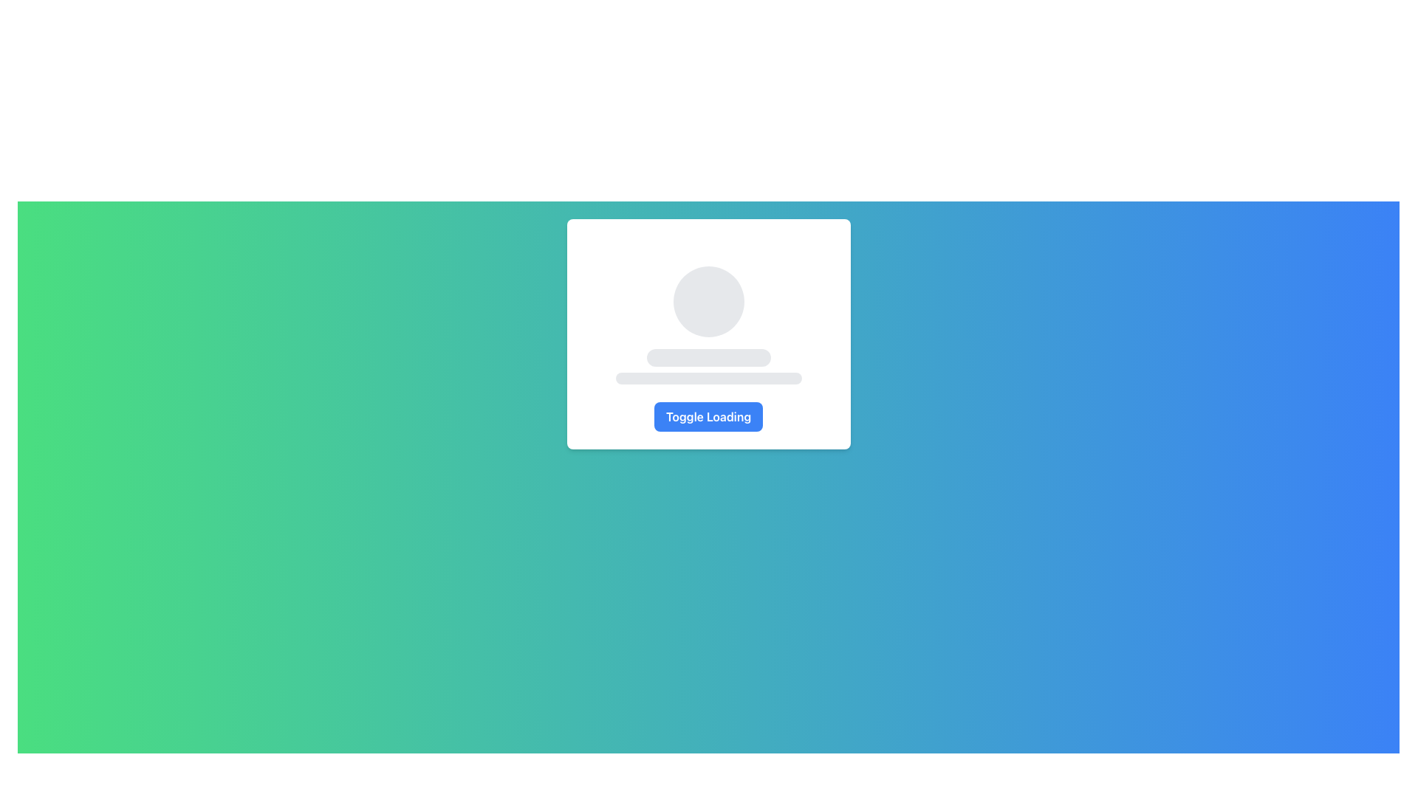  I want to click on the Placeholder component, so click(708, 324).